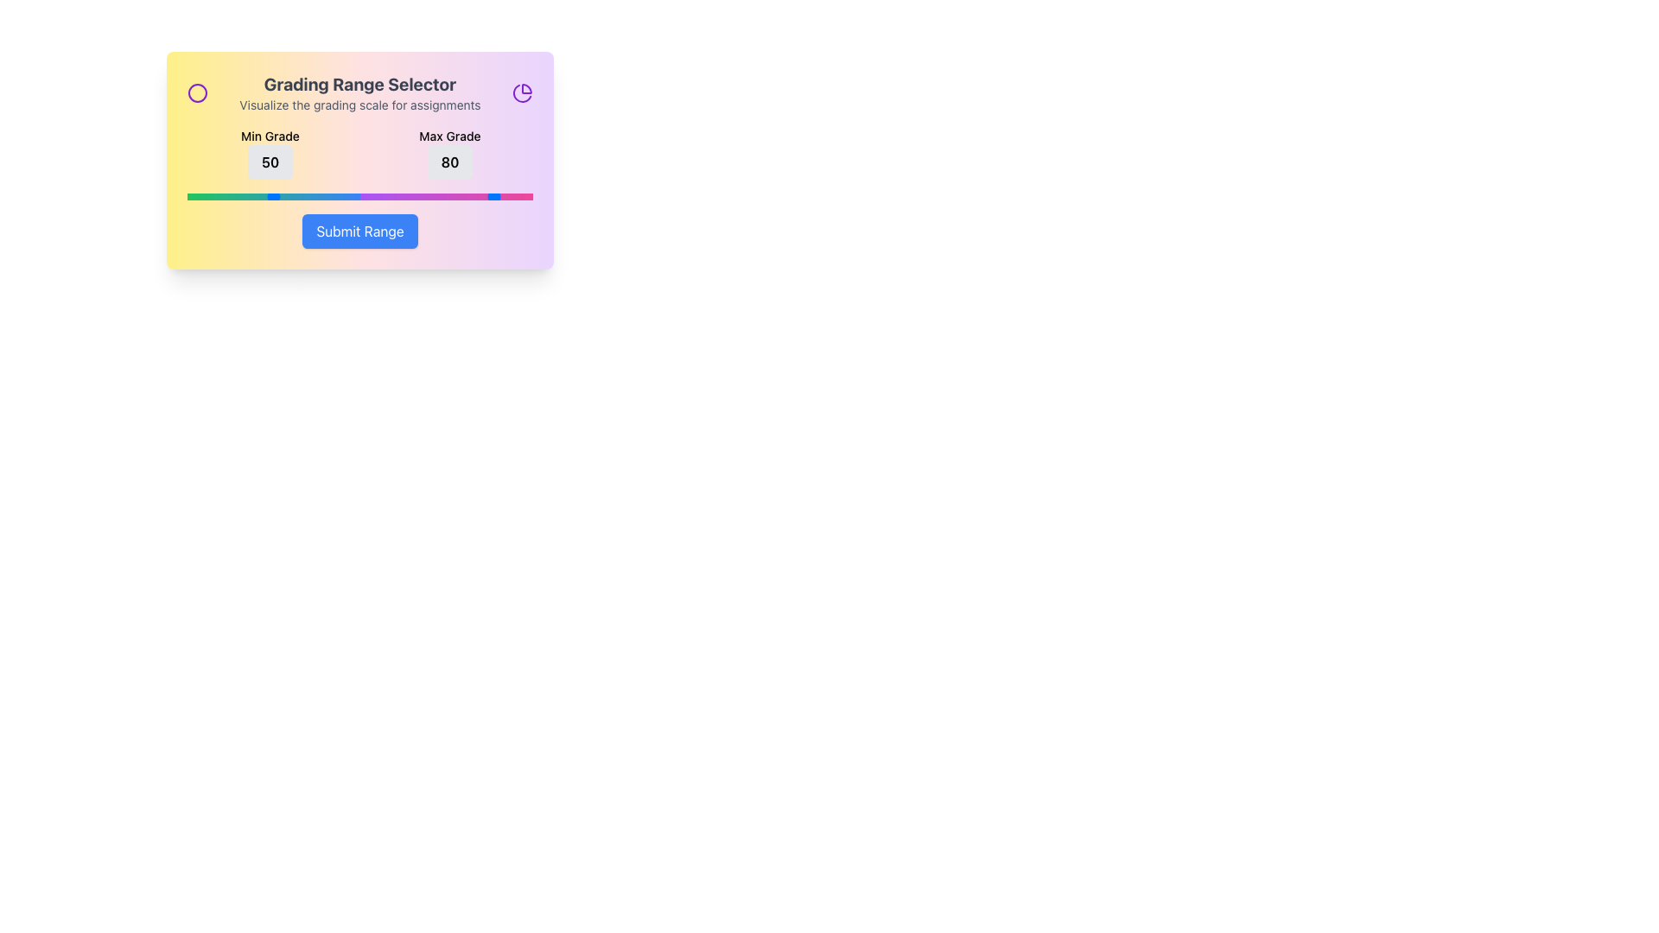 The width and height of the screenshot is (1659, 933). What do you see at coordinates (269, 136) in the screenshot?
I see `'Min Grade' label, which is the left-most label positioned above the numerical value '50'` at bounding box center [269, 136].